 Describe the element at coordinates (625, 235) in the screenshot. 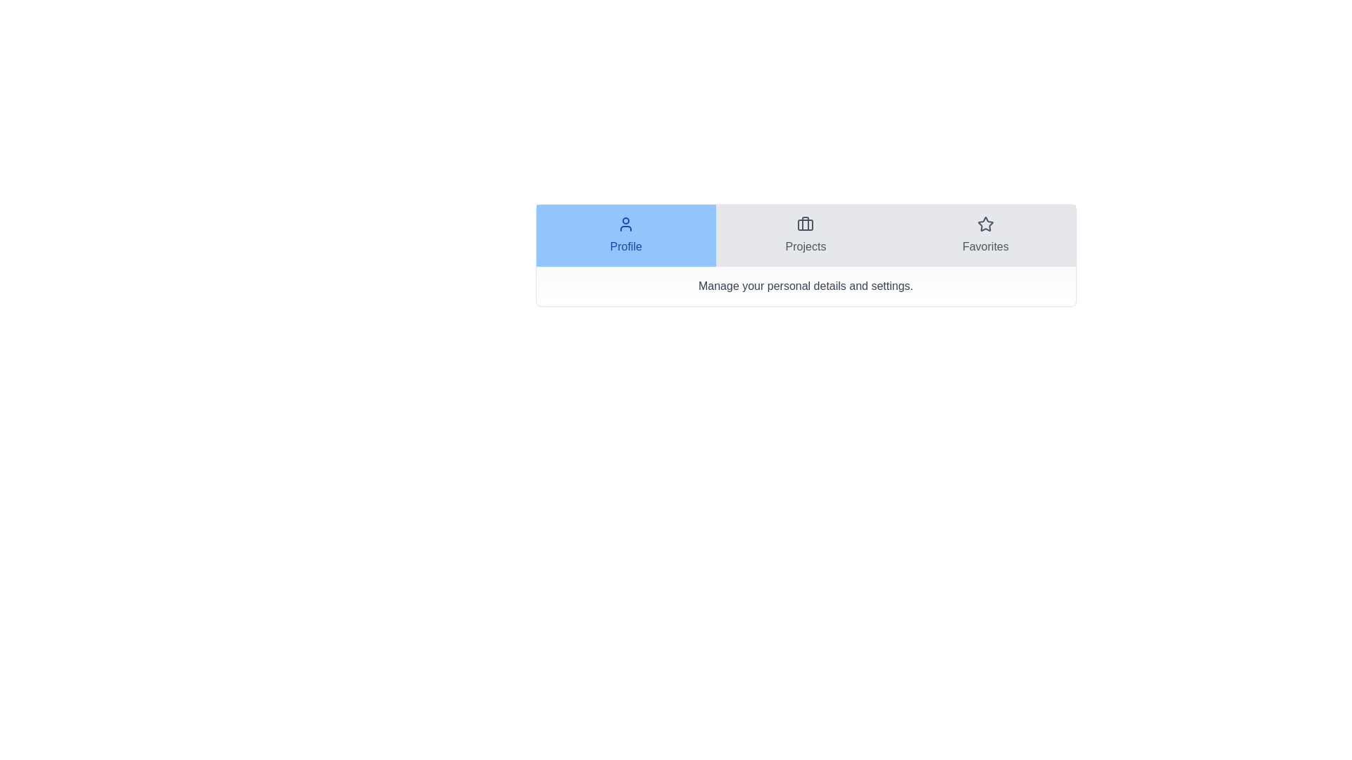

I see `the tab labeled Profile` at that location.